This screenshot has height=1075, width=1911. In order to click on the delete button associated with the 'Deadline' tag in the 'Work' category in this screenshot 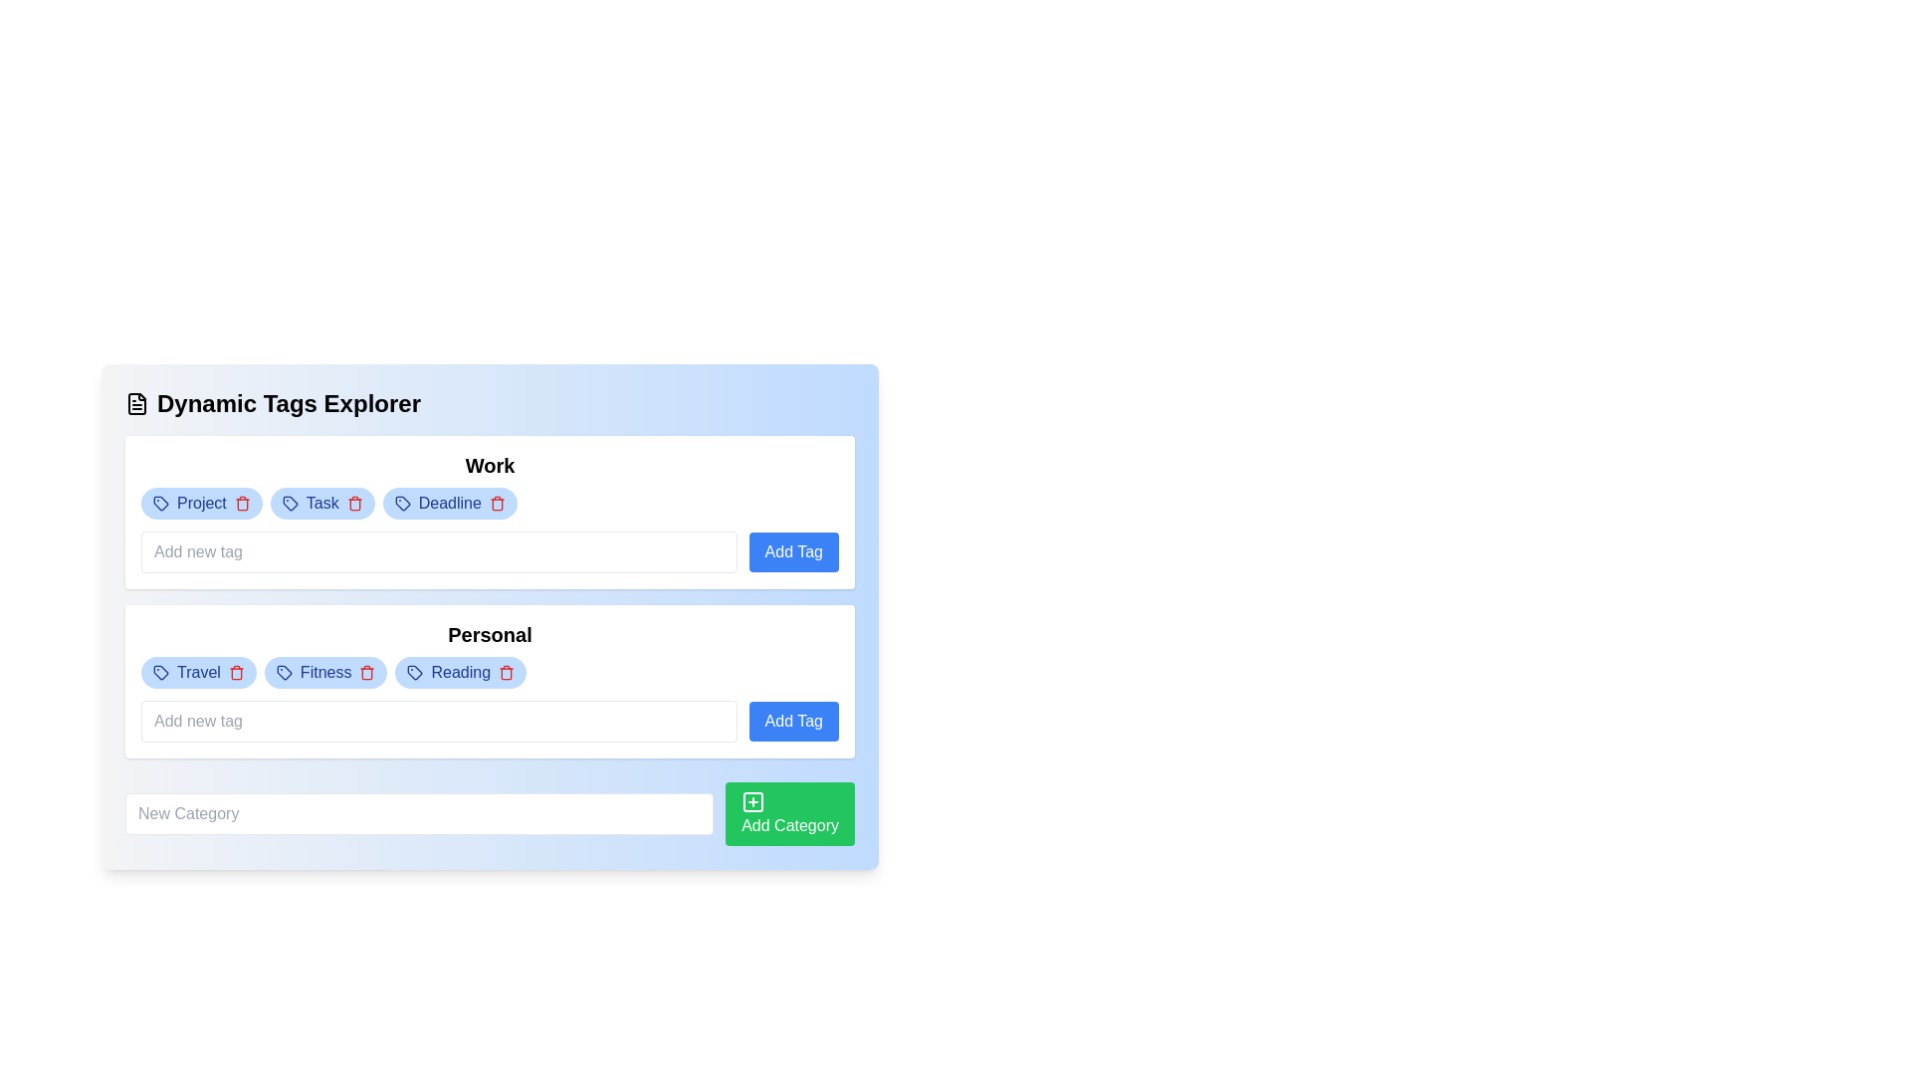, I will do `click(497, 502)`.